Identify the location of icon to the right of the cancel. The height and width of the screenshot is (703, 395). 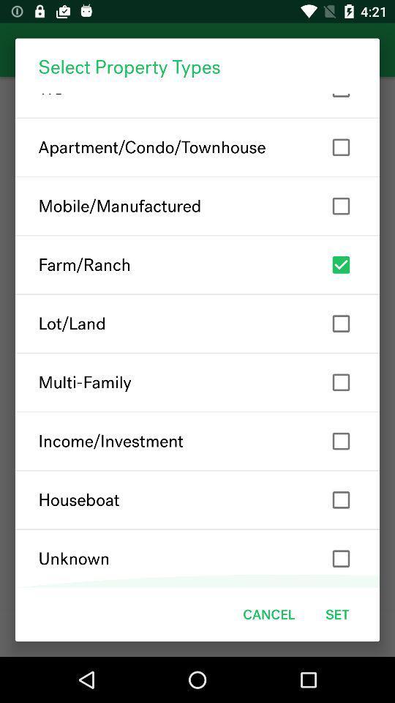
(337, 614).